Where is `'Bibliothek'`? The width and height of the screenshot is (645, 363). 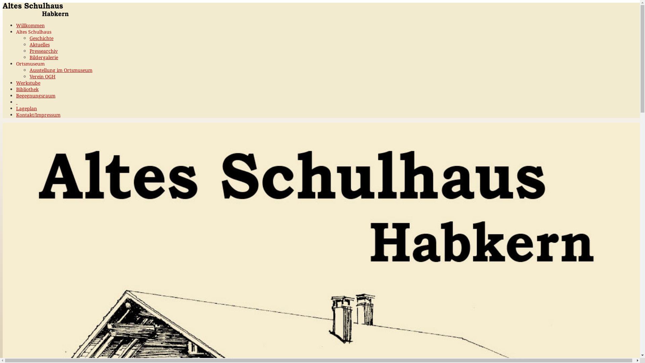
'Bibliothek' is located at coordinates (27, 89).